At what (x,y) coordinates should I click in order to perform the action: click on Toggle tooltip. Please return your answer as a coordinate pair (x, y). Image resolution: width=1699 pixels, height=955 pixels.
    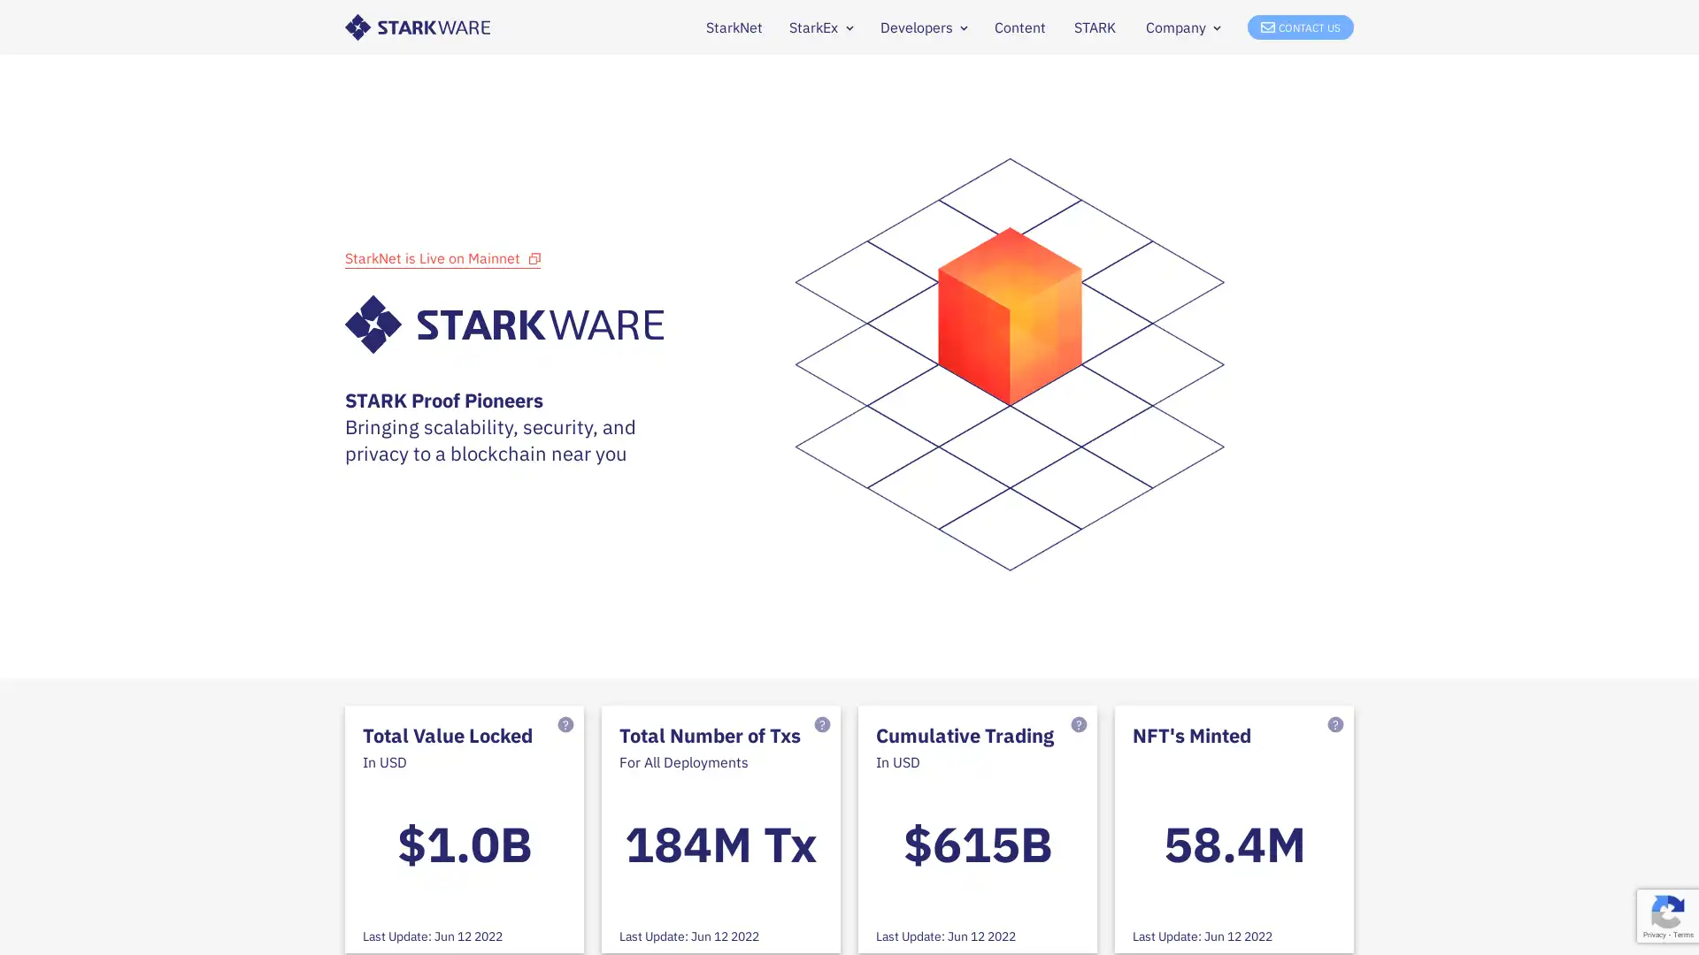
    Looking at the image, I should click on (821, 727).